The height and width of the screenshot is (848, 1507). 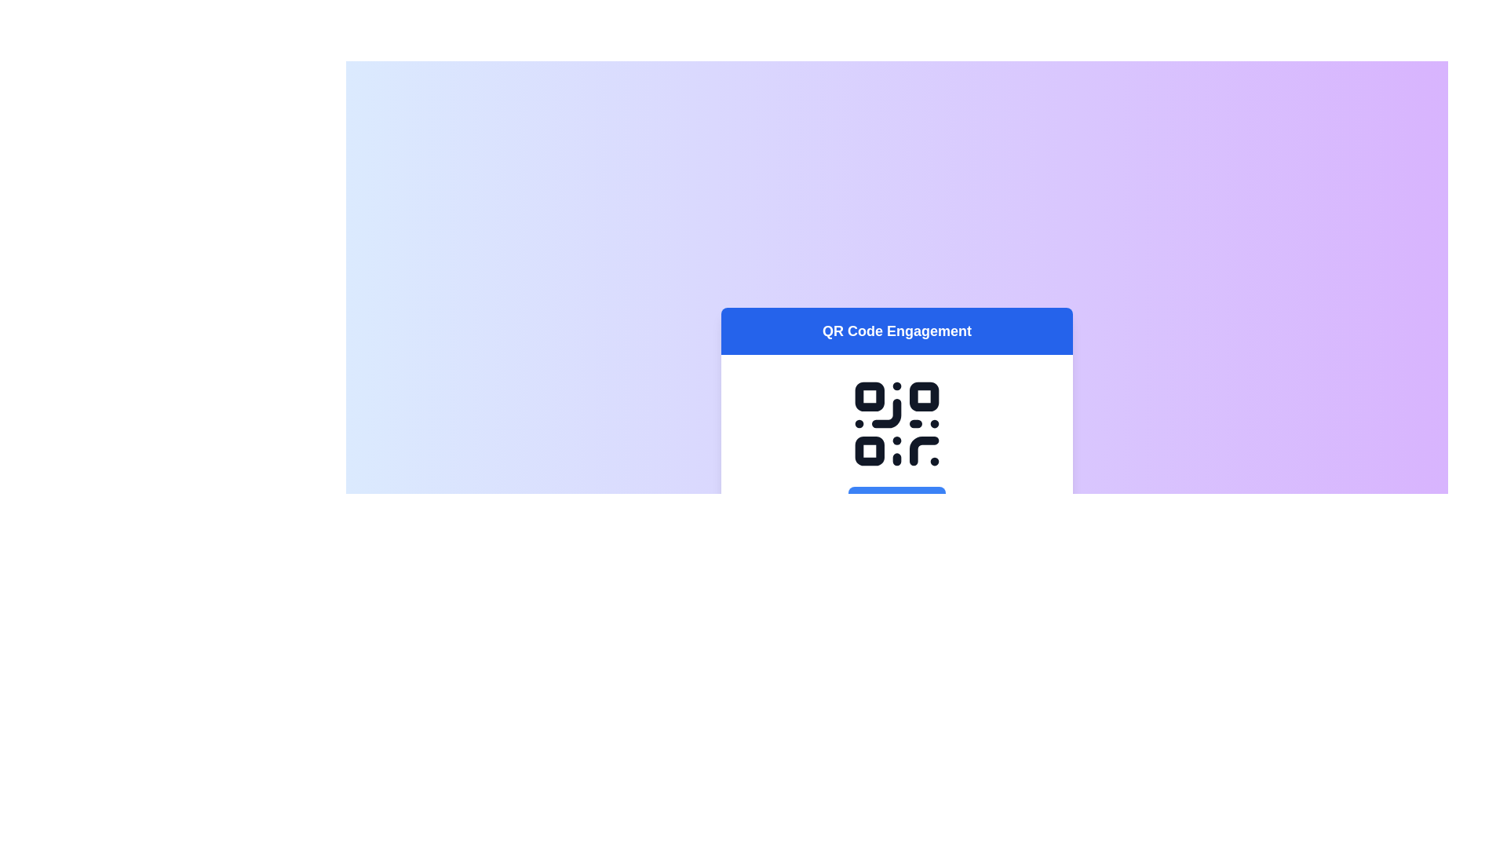 I want to click on the small square component that is the second square in the first row of the QR code grid, so click(x=924, y=396).